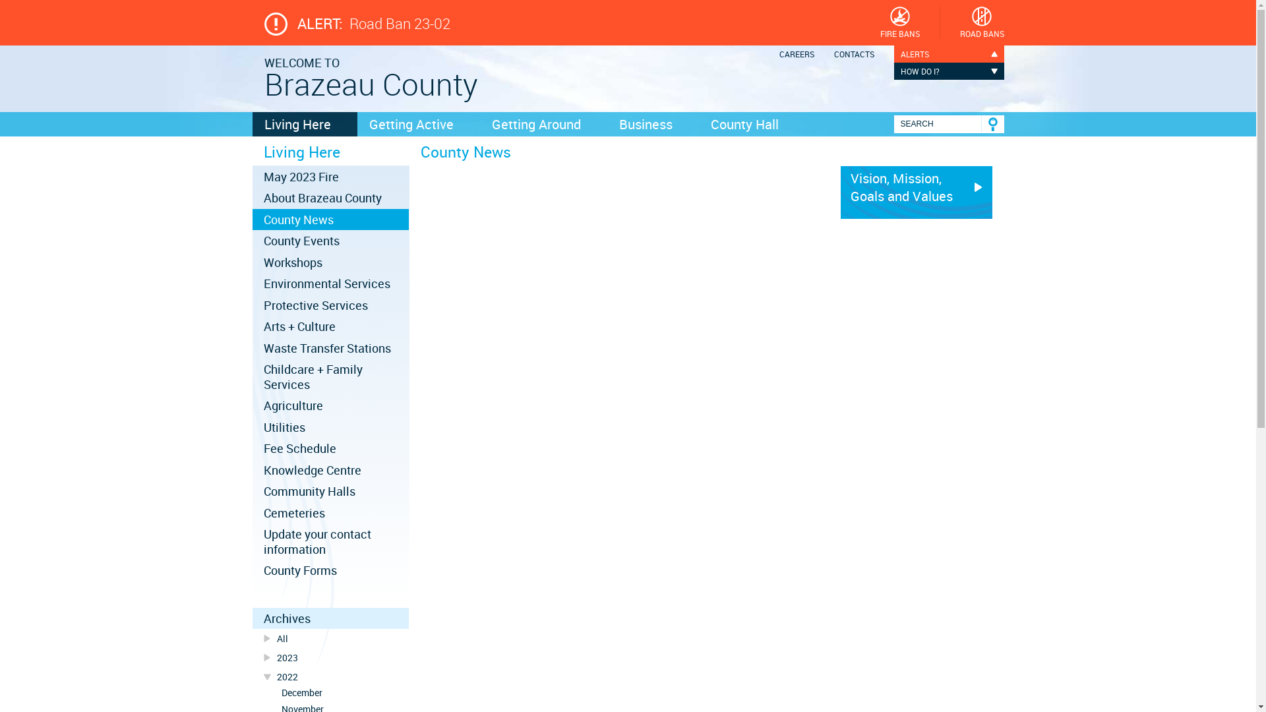  What do you see at coordinates (330, 447) in the screenshot?
I see `'Fee Schedule'` at bounding box center [330, 447].